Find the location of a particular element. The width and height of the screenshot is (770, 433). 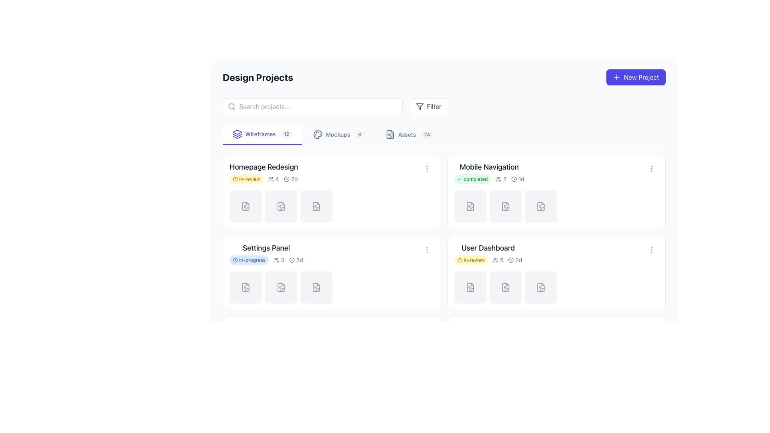

the filter button located in the top-right section of the interface, adjacent to the search bar is located at coordinates (428, 106).